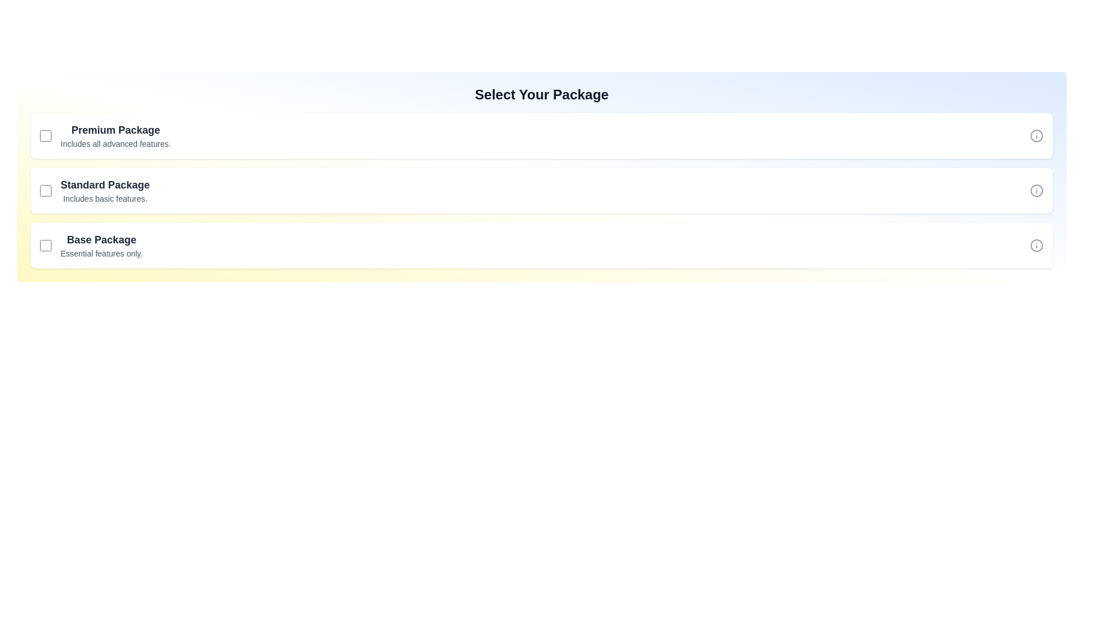 This screenshot has width=1098, height=617. Describe the element at coordinates (1037, 245) in the screenshot. I see `information icon for Base Package` at that location.